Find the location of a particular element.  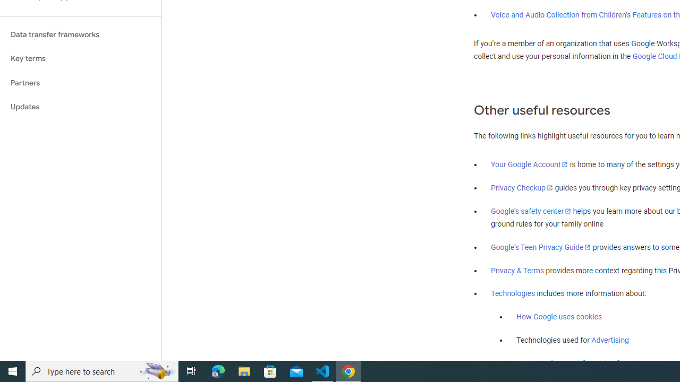

'Key terms' is located at coordinates (80, 58).